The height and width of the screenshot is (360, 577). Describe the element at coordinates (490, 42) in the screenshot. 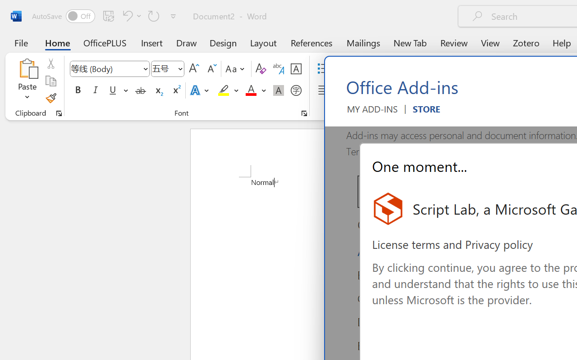

I see `'View'` at that location.